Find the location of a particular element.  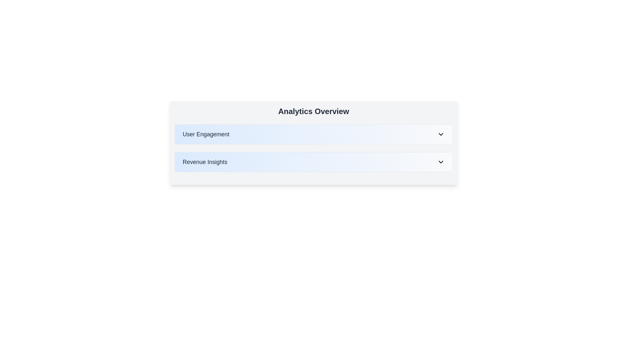

the Chevron Down icon located at the far-right of the 'Revenue Insights' section is located at coordinates (440, 161).